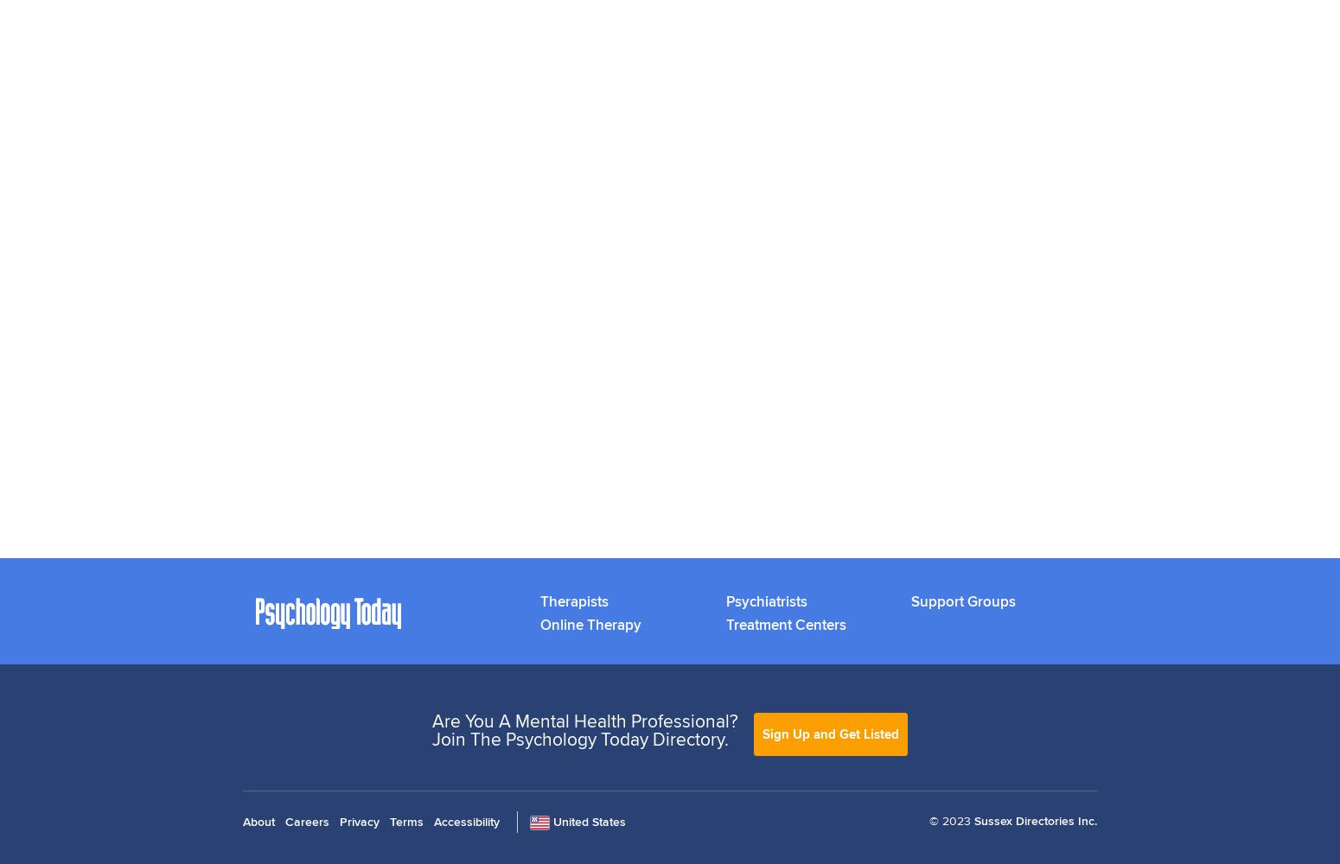 The image size is (1340, 864). I want to click on '© 2023', so click(948, 819).